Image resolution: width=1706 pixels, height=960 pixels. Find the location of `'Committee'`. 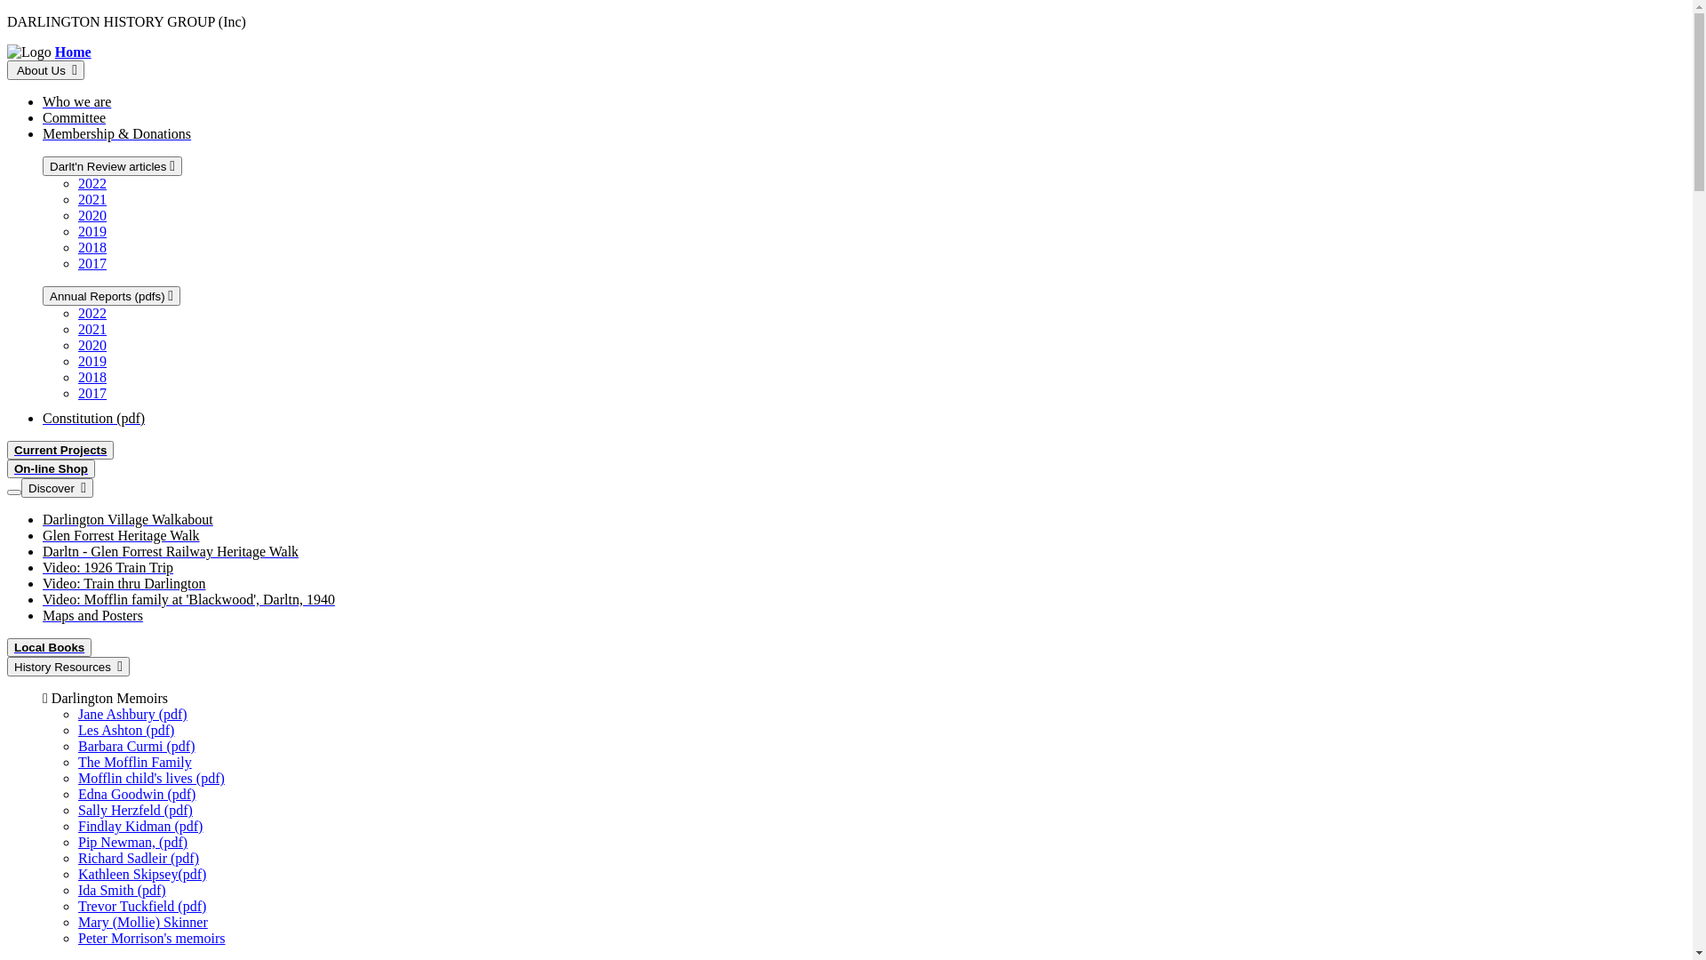

'Committee' is located at coordinates (43, 117).